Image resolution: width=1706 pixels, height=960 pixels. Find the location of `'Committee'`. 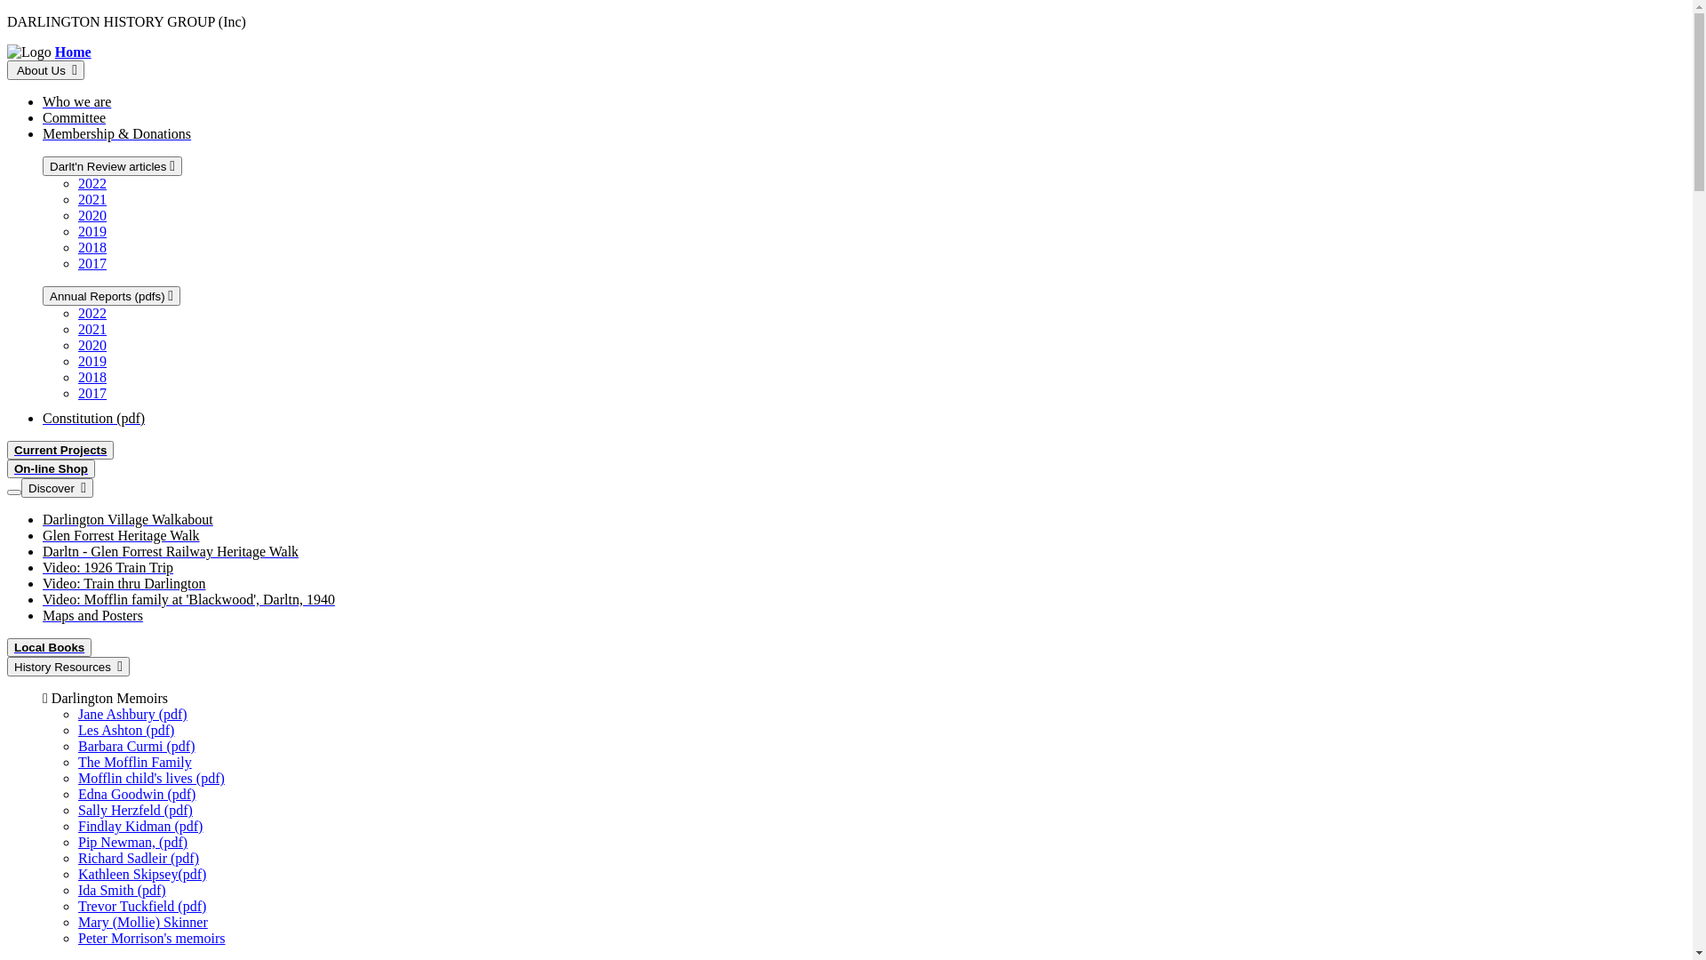

'Committee' is located at coordinates (43, 117).